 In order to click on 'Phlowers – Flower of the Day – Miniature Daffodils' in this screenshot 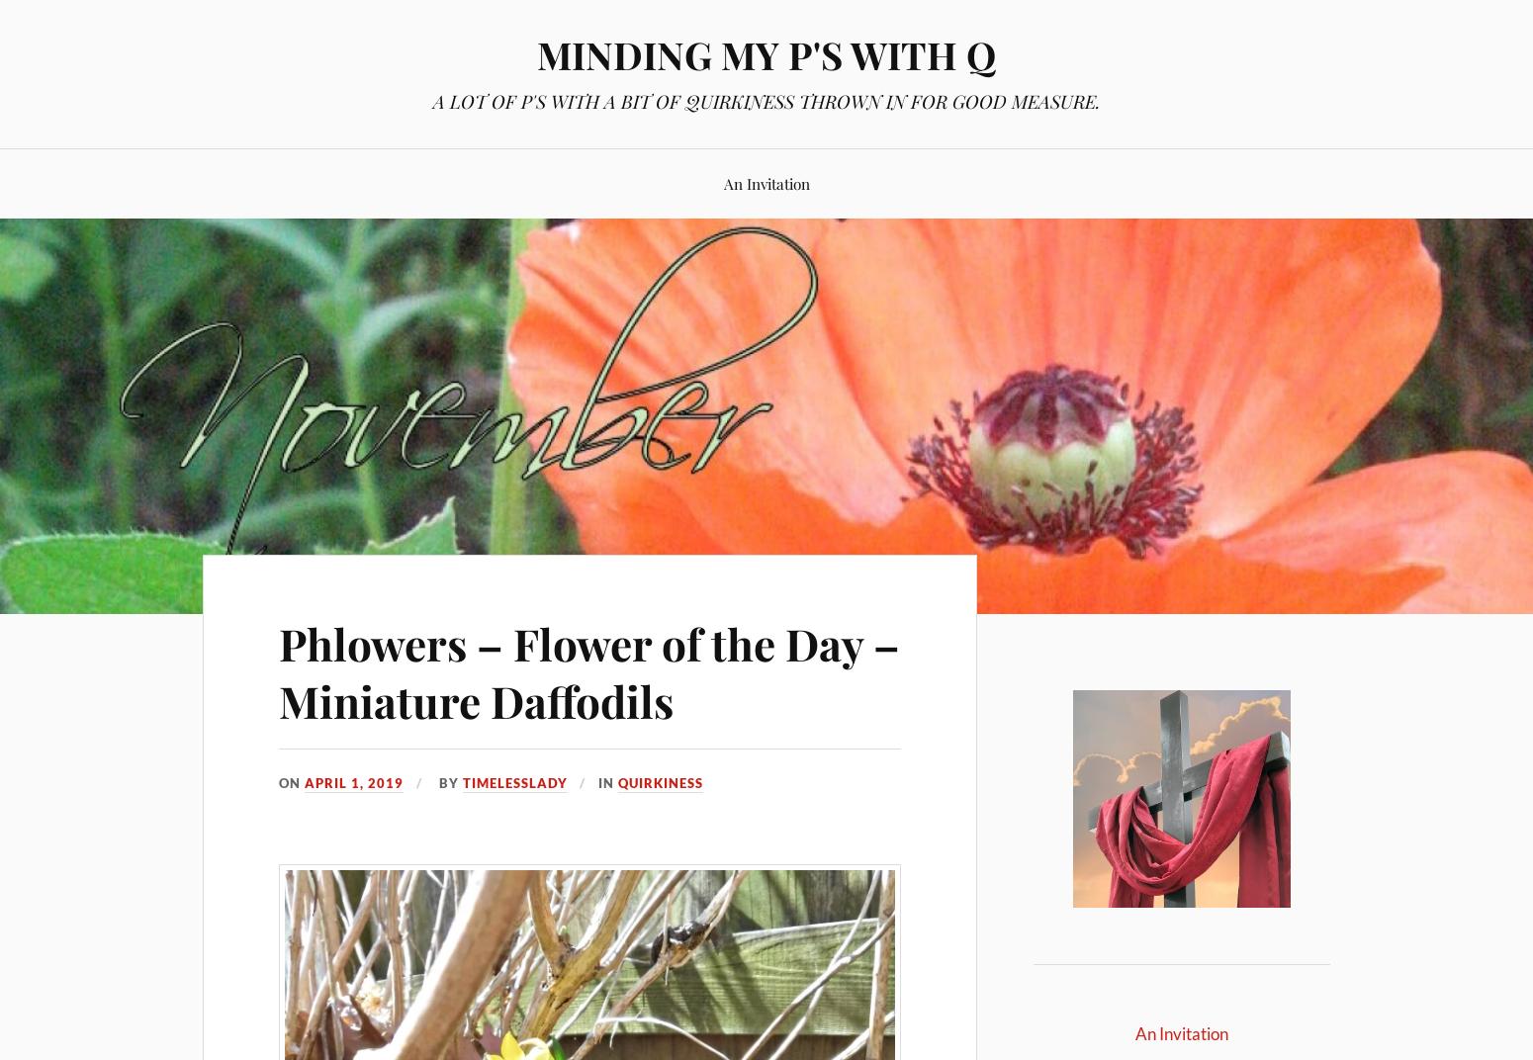, I will do `click(588, 670)`.